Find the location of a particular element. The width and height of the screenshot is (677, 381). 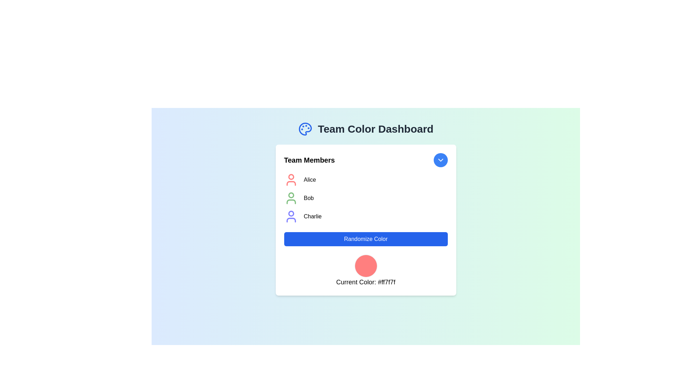

the chevron arrow icon located at the top-right corner of the 'Team Color Dashboard' card is located at coordinates (440, 160).